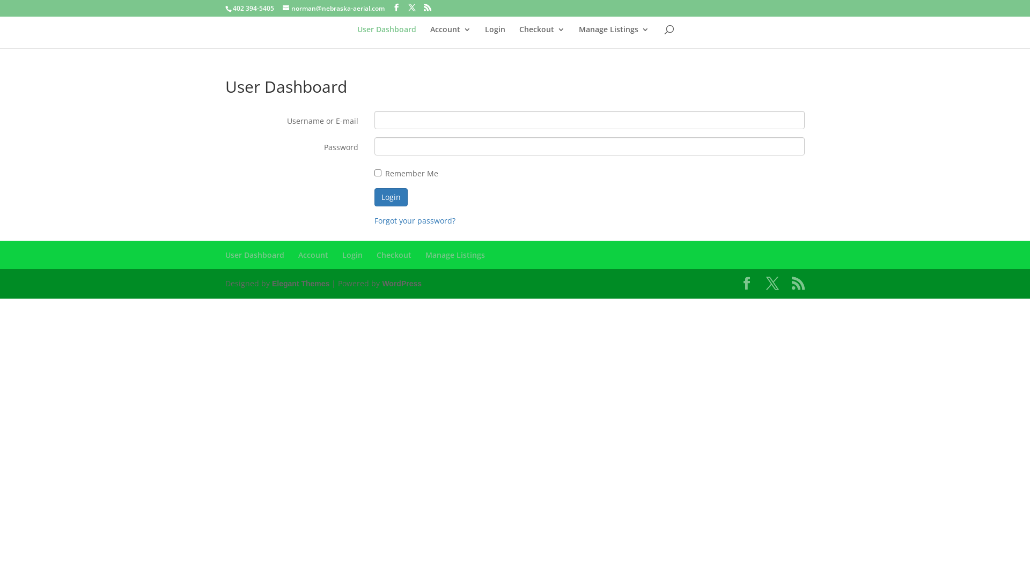 The width and height of the screenshot is (1030, 579). I want to click on 'WordPress', so click(401, 283).